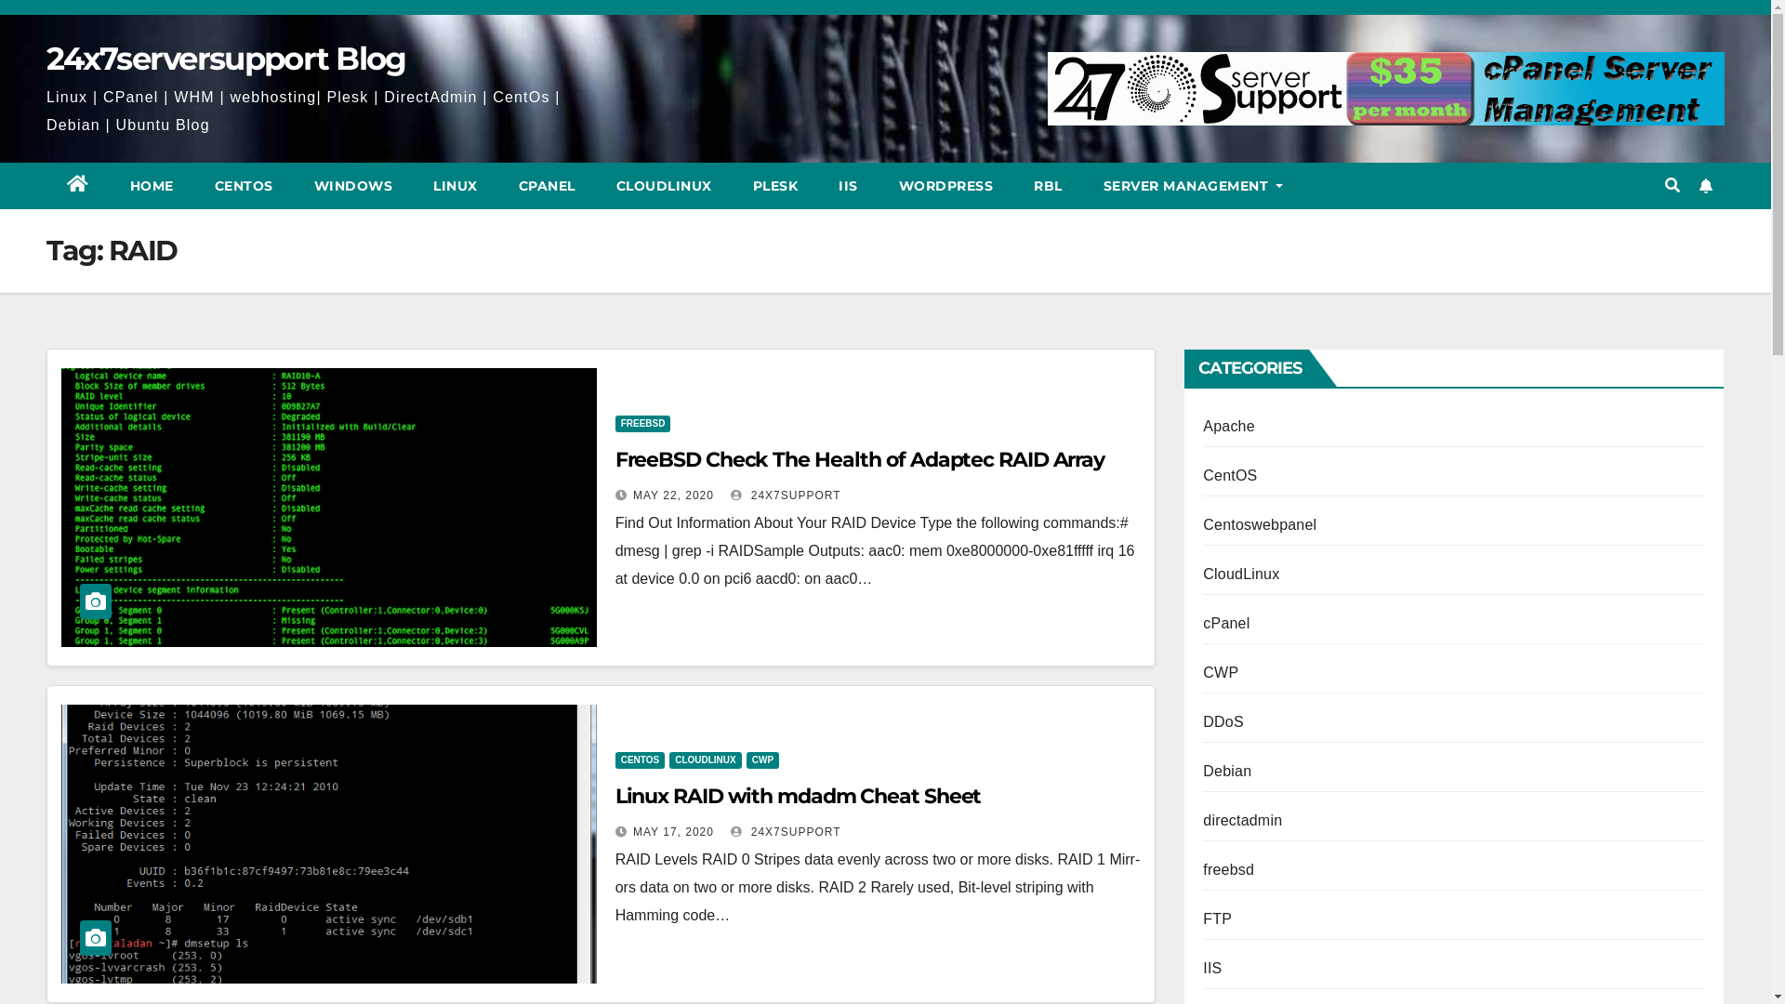  Describe the element at coordinates (225, 57) in the screenshot. I see `'24x7serversupport Blog'` at that location.